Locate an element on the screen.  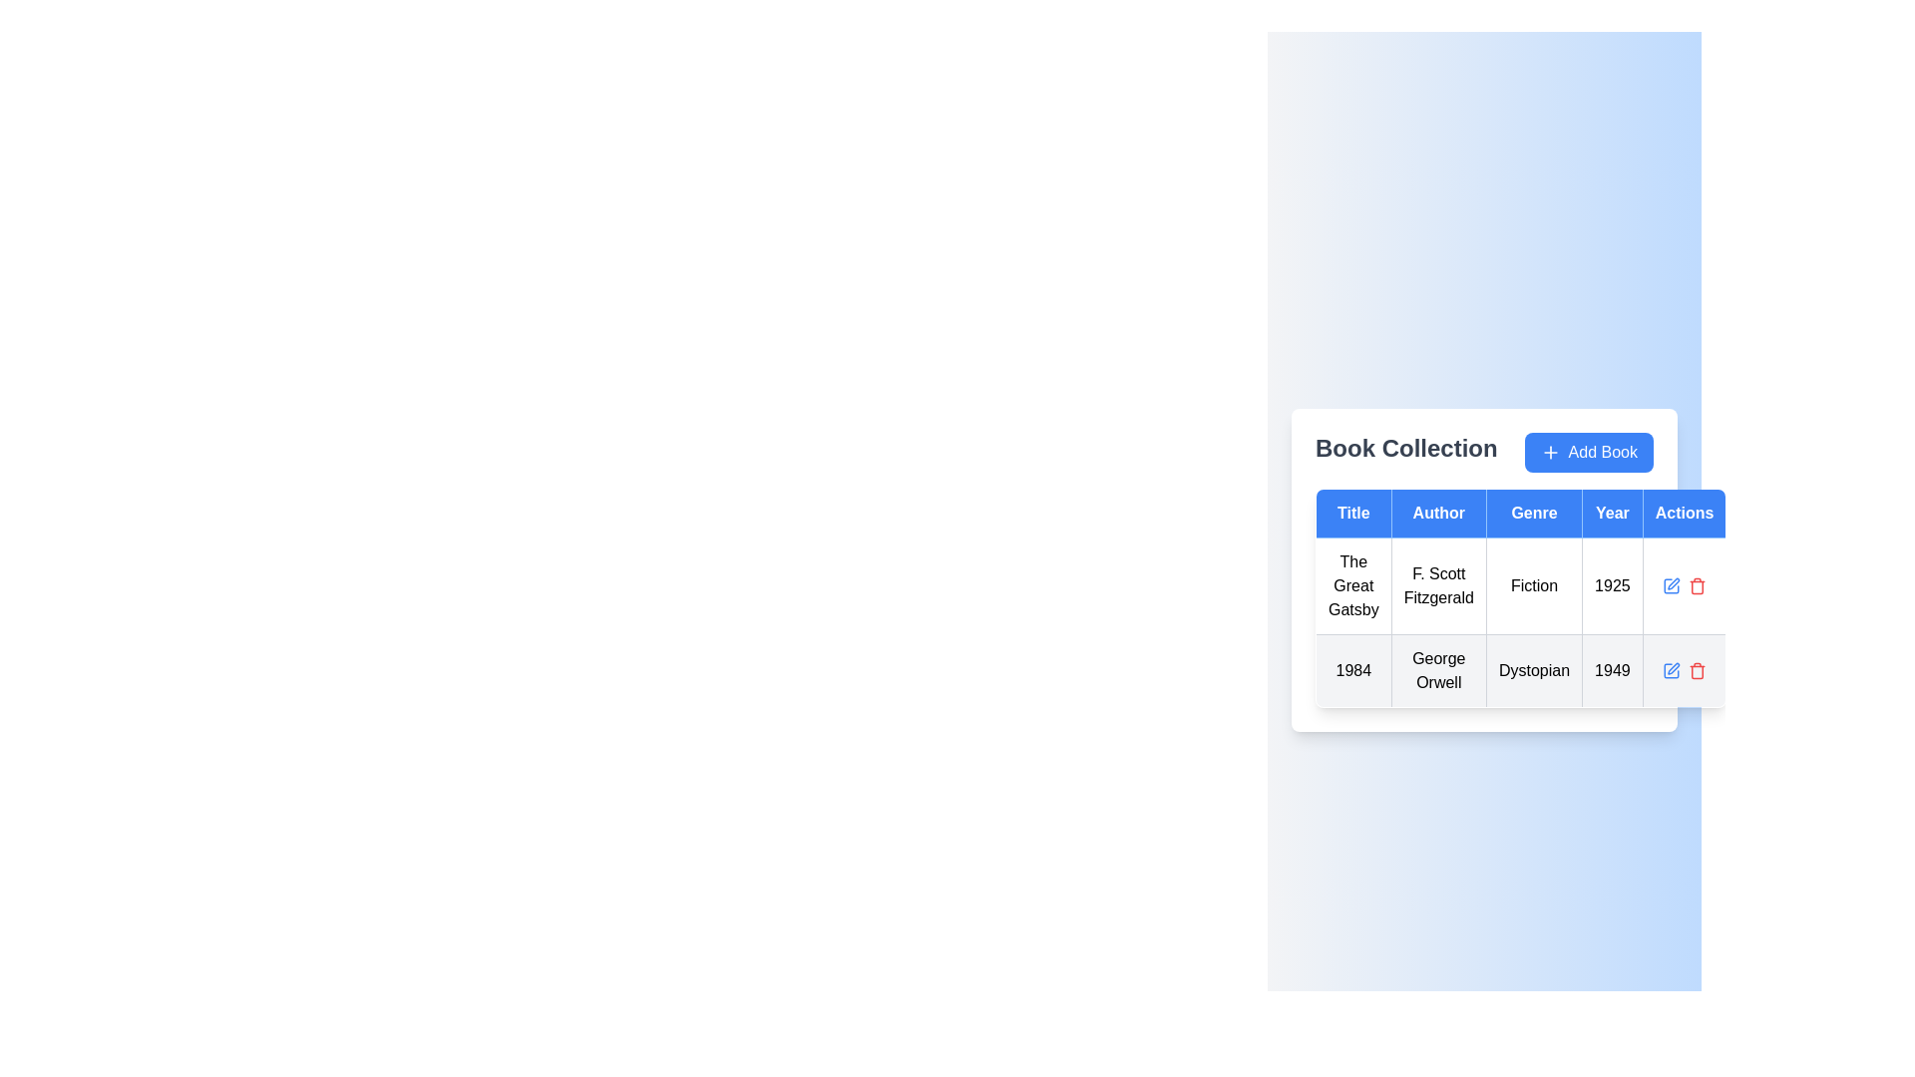
the Text Display Field displaying 'George Orwell', which is the second cell under the 'Author' header in the table for the book '1984' is located at coordinates (1438, 670).